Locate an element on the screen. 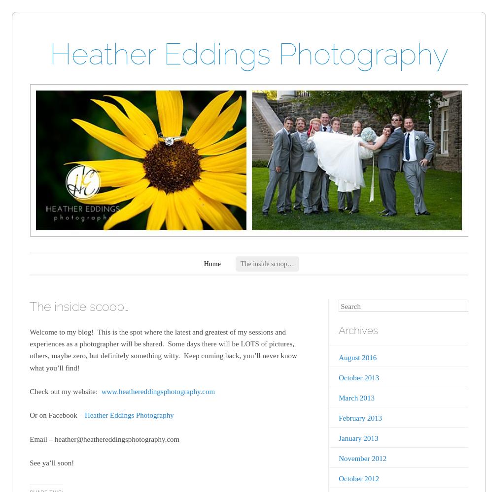 The height and width of the screenshot is (492, 486). 'Archives' is located at coordinates (338, 330).